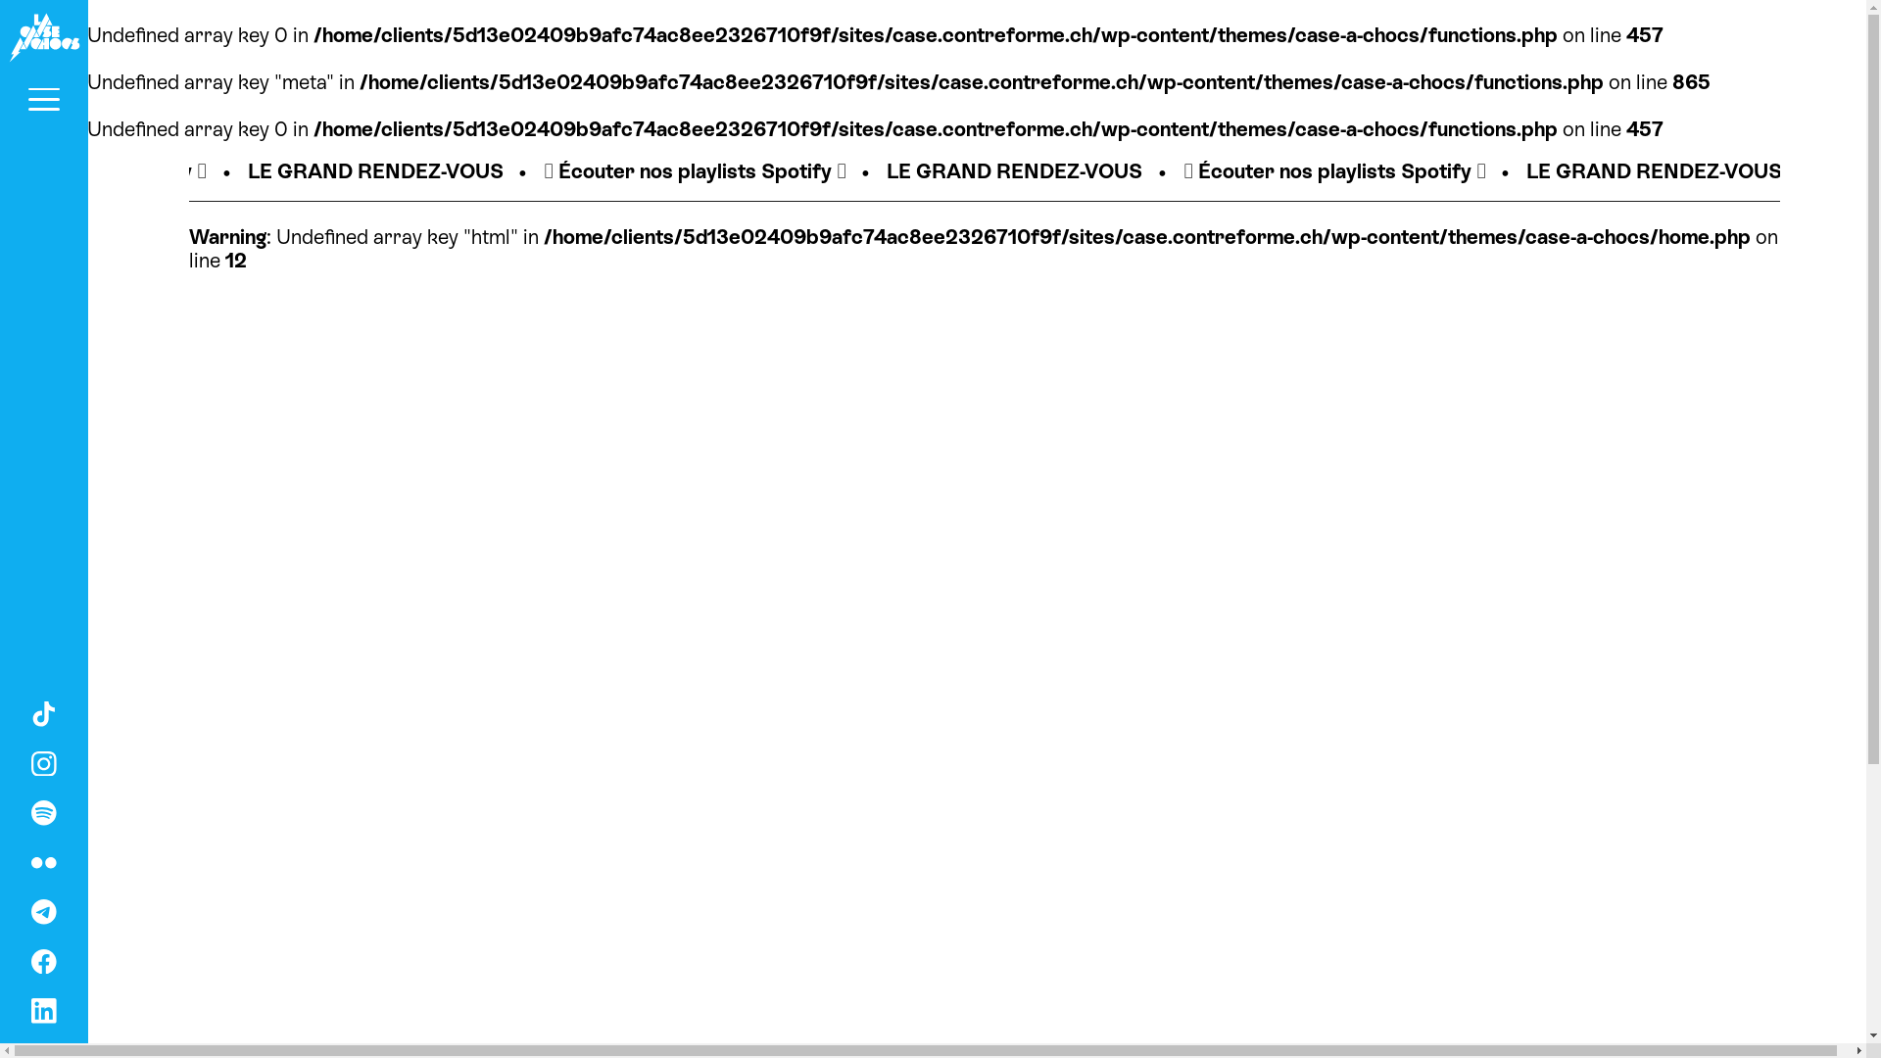  I want to click on 'Flickr', so click(43, 859).